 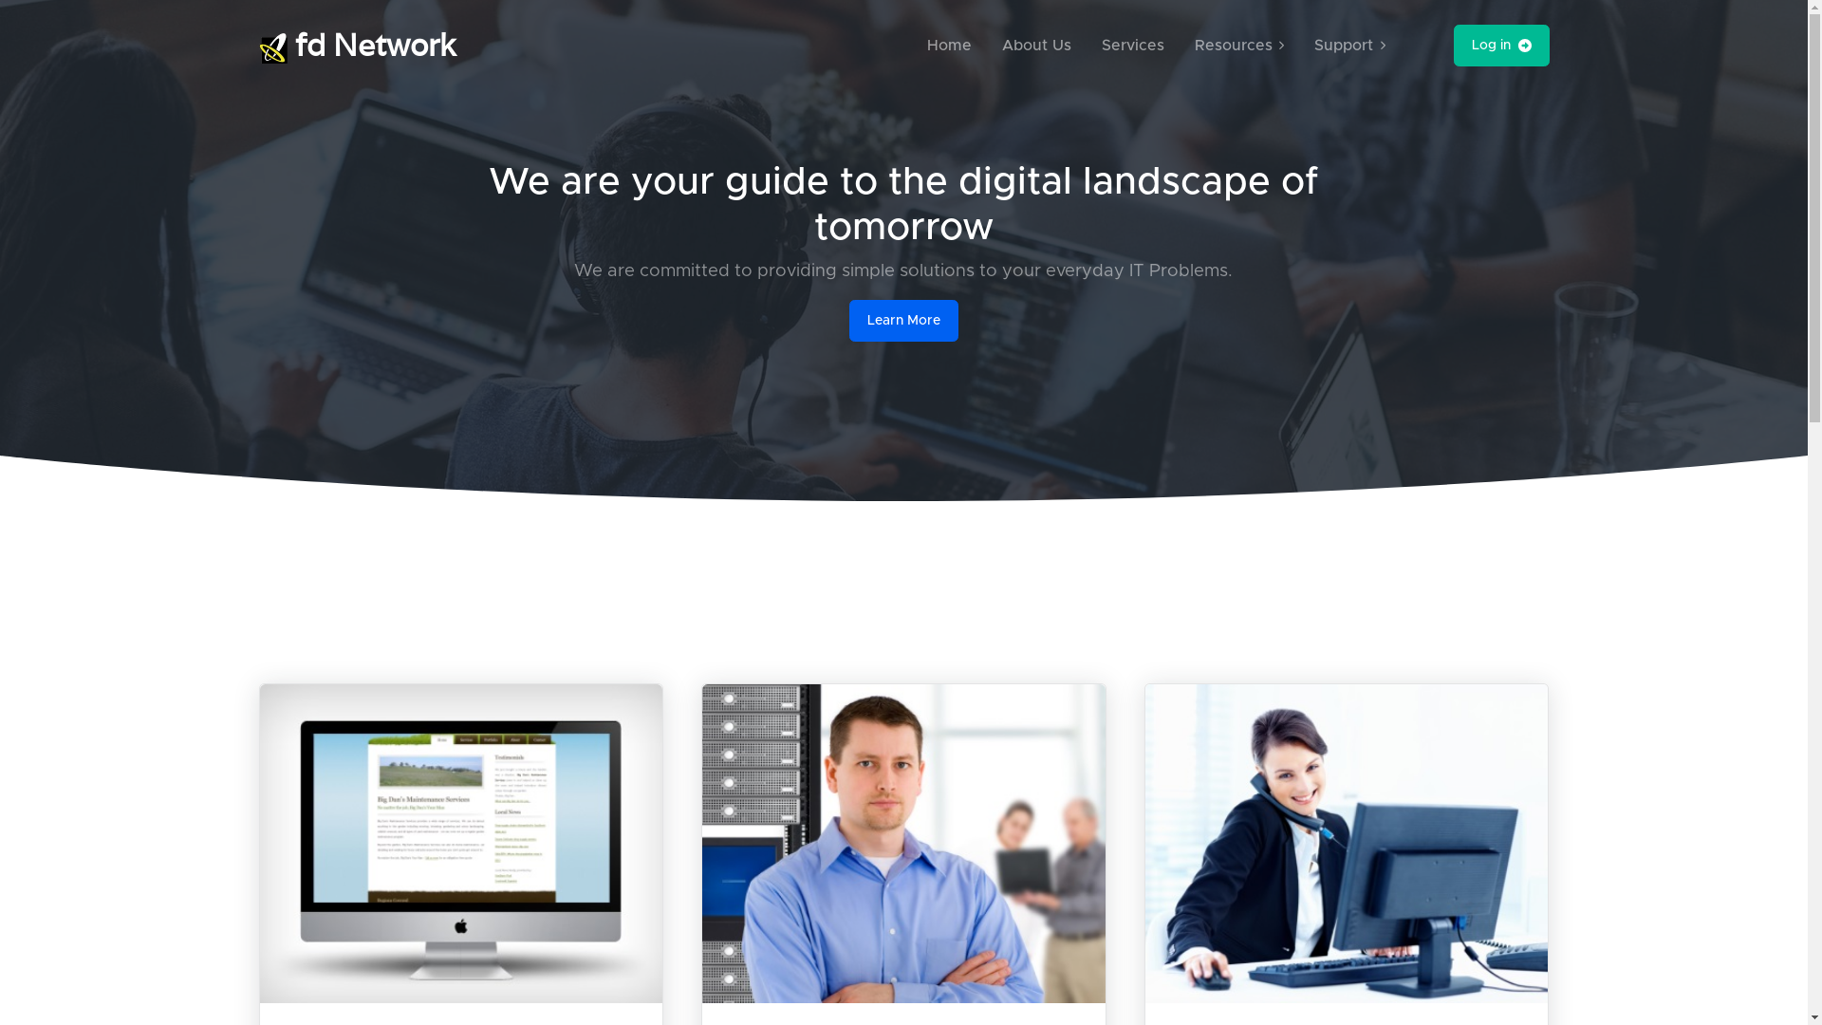 What do you see at coordinates (1306, 44) in the screenshot?
I see `'Support'` at bounding box center [1306, 44].